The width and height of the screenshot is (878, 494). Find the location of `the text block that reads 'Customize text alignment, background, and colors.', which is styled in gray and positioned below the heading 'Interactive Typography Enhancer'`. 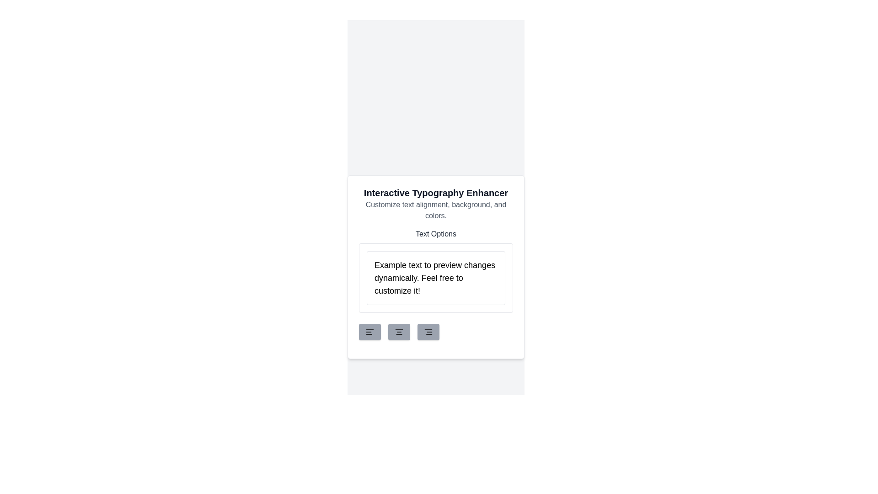

the text block that reads 'Customize text alignment, background, and colors.', which is styled in gray and positioned below the heading 'Interactive Typography Enhancer' is located at coordinates (435, 210).